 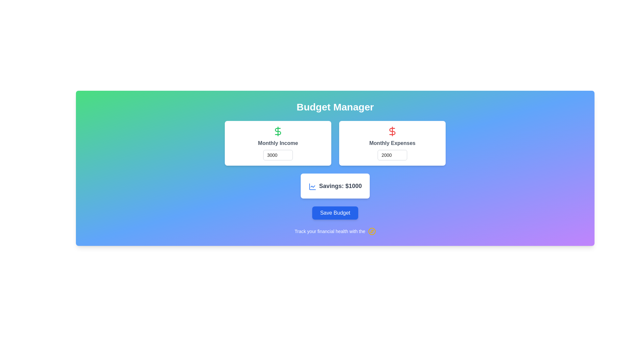 What do you see at coordinates (330, 231) in the screenshot?
I see `the text label that reads 'Track your financial health with the', which is styled with a white font and positioned below the 'Save Budget' button at the bottom center of the interface` at bounding box center [330, 231].